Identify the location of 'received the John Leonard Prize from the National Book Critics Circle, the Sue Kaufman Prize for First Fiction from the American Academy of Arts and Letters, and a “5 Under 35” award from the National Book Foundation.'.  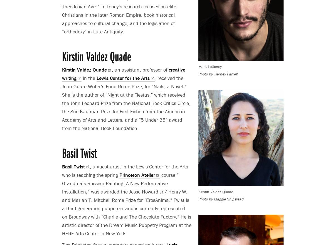
(126, 111).